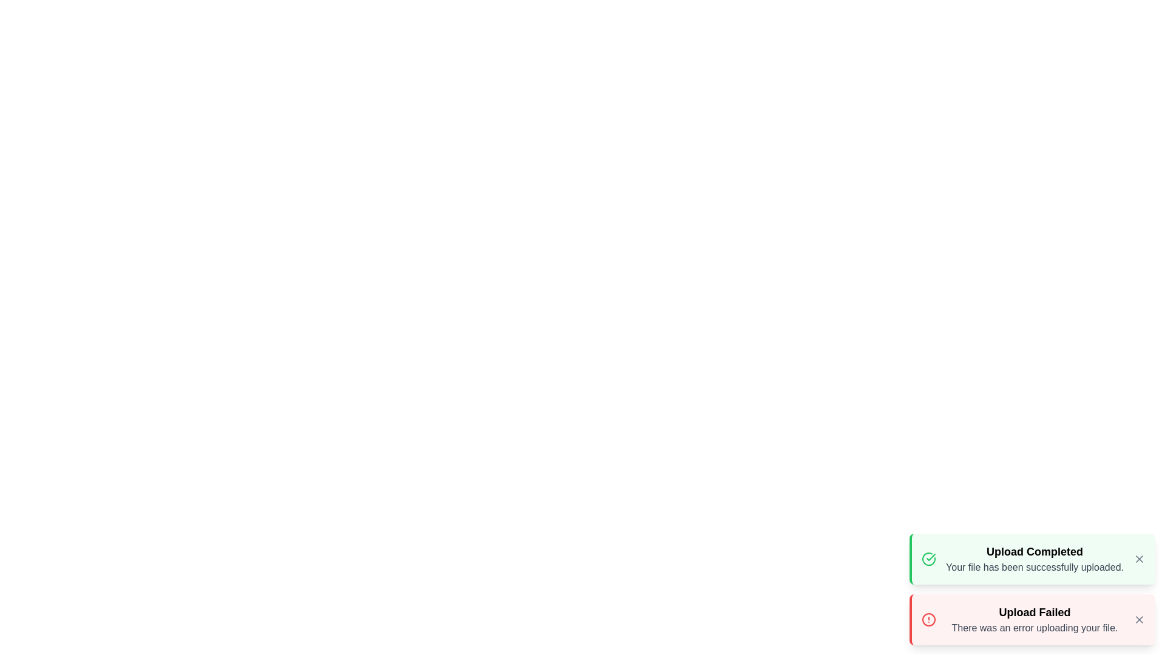  Describe the element at coordinates (1138, 620) in the screenshot. I see `the 'Close' icon in the lower-right corner of the 'Upload Failed' notification box` at that location.